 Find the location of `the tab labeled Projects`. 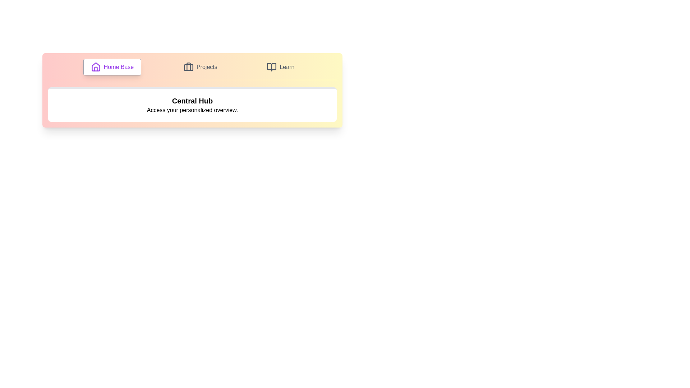

the tab labeled Projects is located at coordinates (200, 67).